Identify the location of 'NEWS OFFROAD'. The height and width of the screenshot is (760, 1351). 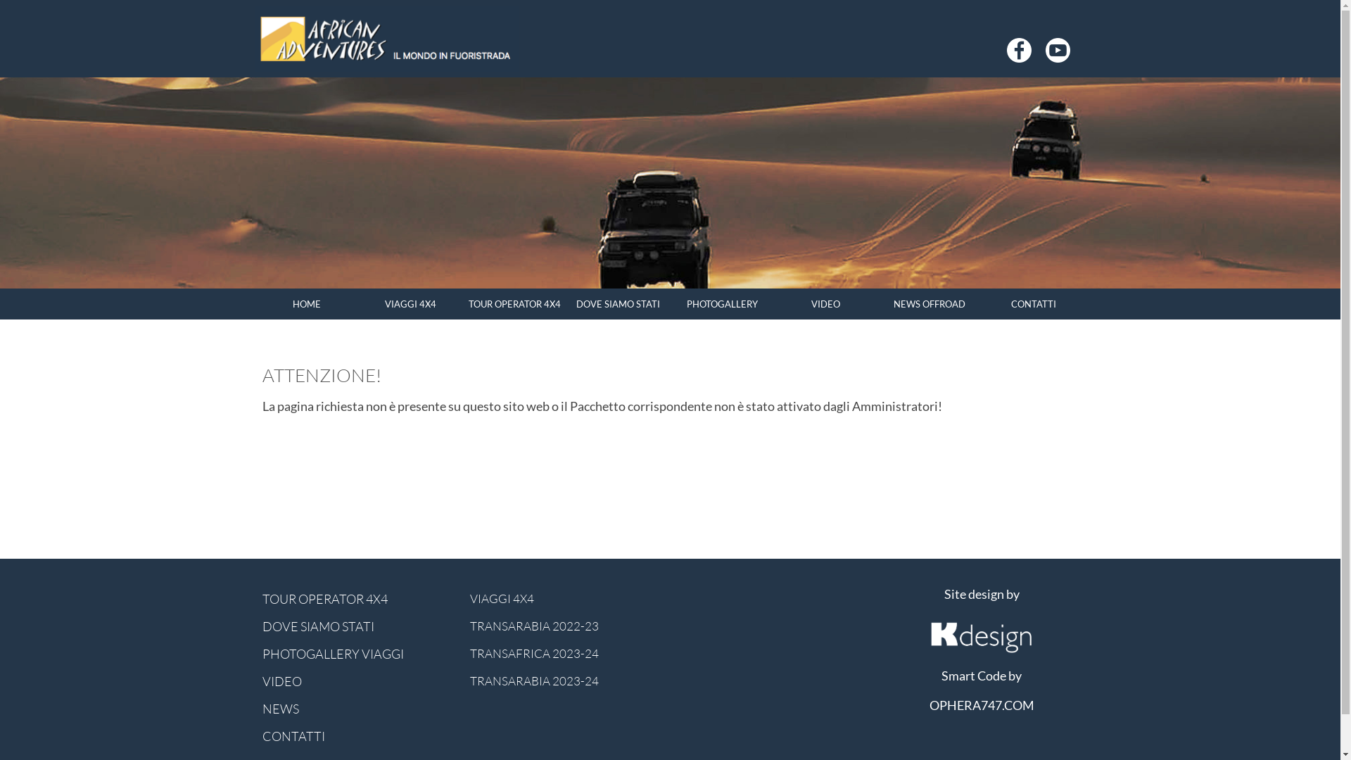
(930, 303).